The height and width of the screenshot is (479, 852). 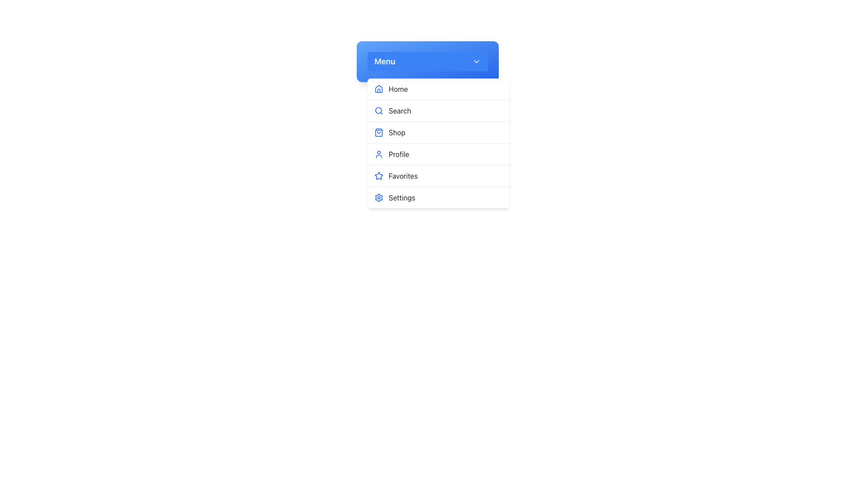 I want to click on the star icon representing the 'Favorites' option in the dropdown menu, so click(x=379, y=176).